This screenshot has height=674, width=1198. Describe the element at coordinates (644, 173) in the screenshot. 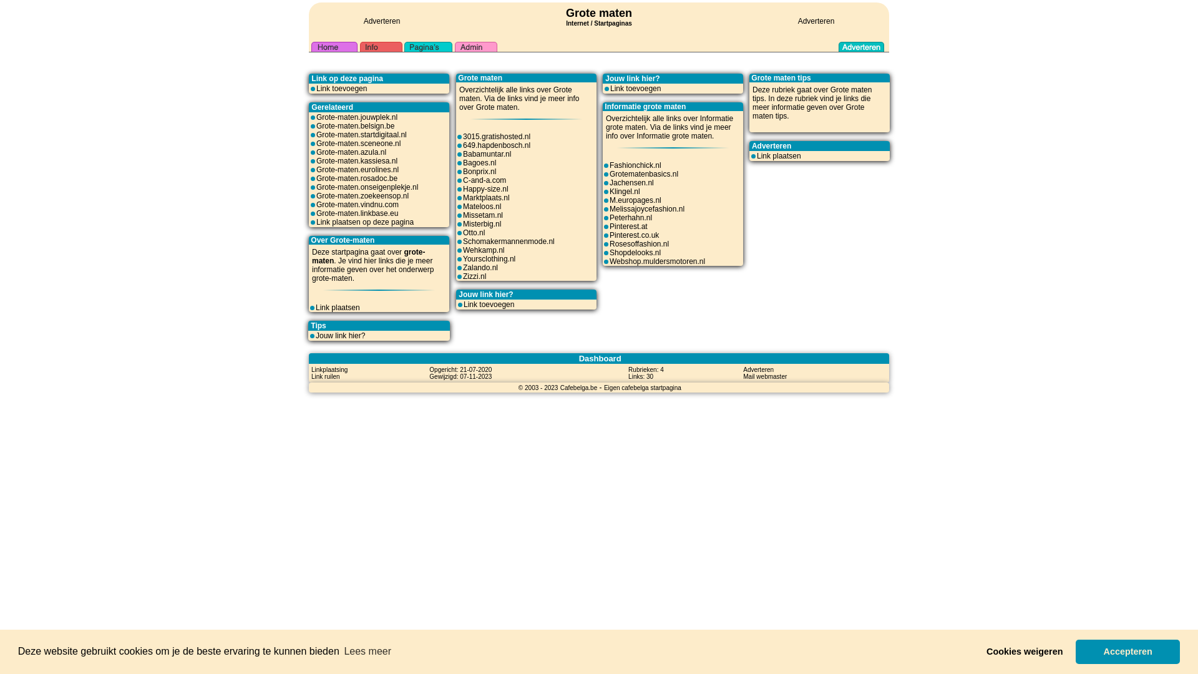

I see `'Grotematenbasics.nl'` at that location.